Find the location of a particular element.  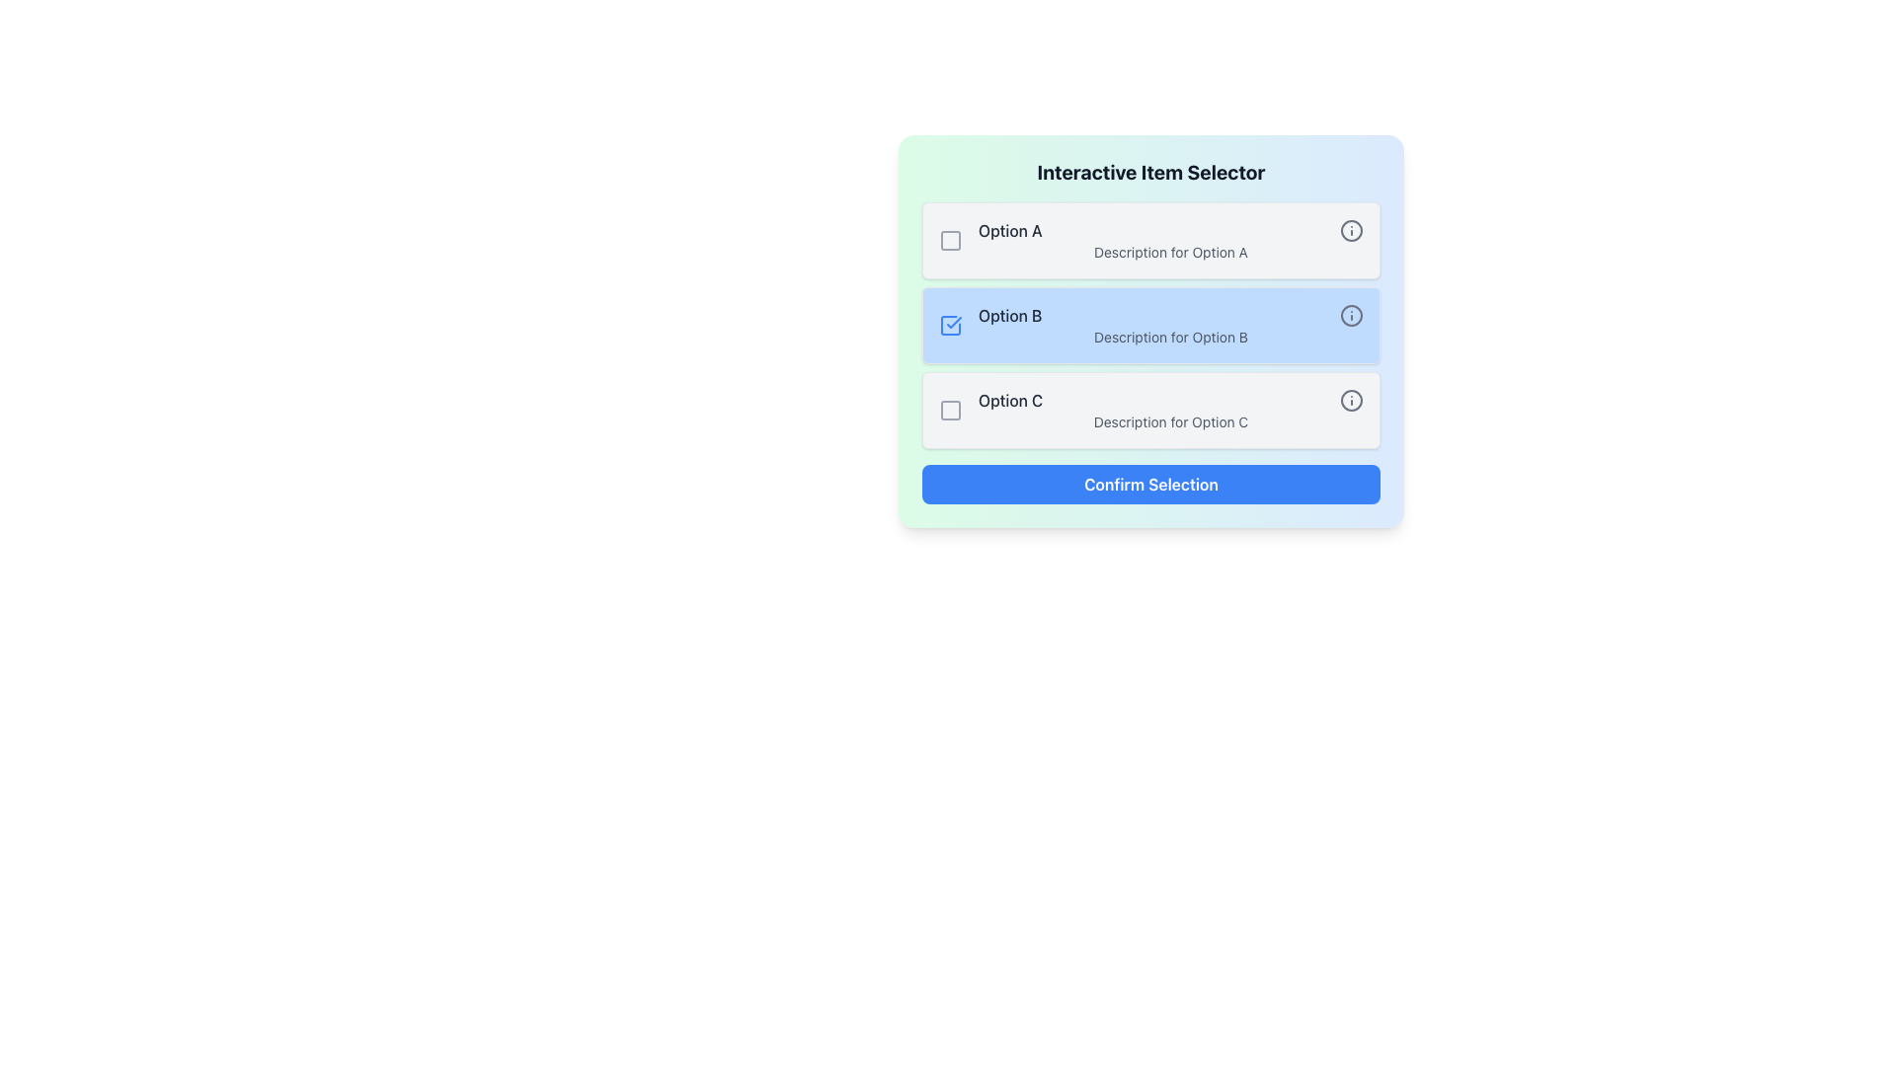

the text label displaying 'Option C' located in the third row of the 'Interactive Item Selector' card, positioned to the left of a descriptive text and an info icon is located at coordinates (1010, 400).